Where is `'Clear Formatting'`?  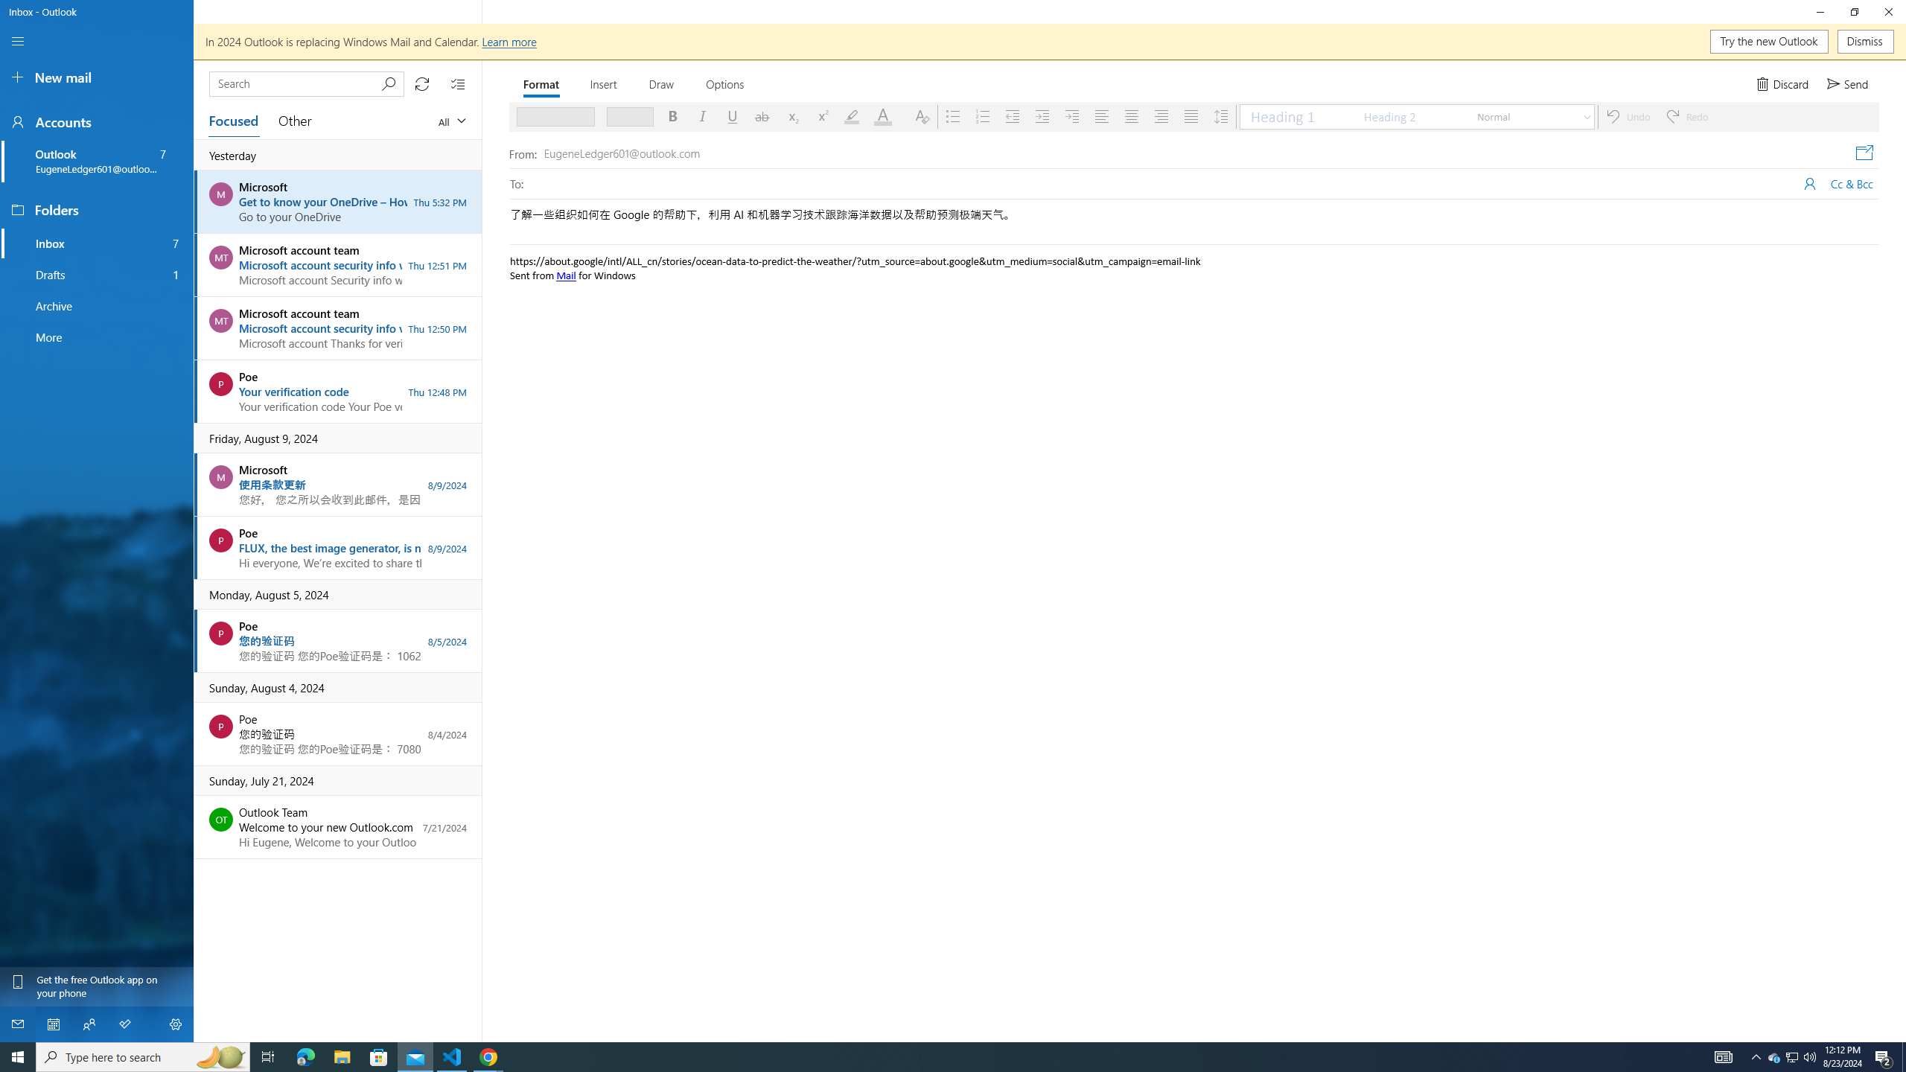
'Clear Formatting' is located at coordinates (922, 116).